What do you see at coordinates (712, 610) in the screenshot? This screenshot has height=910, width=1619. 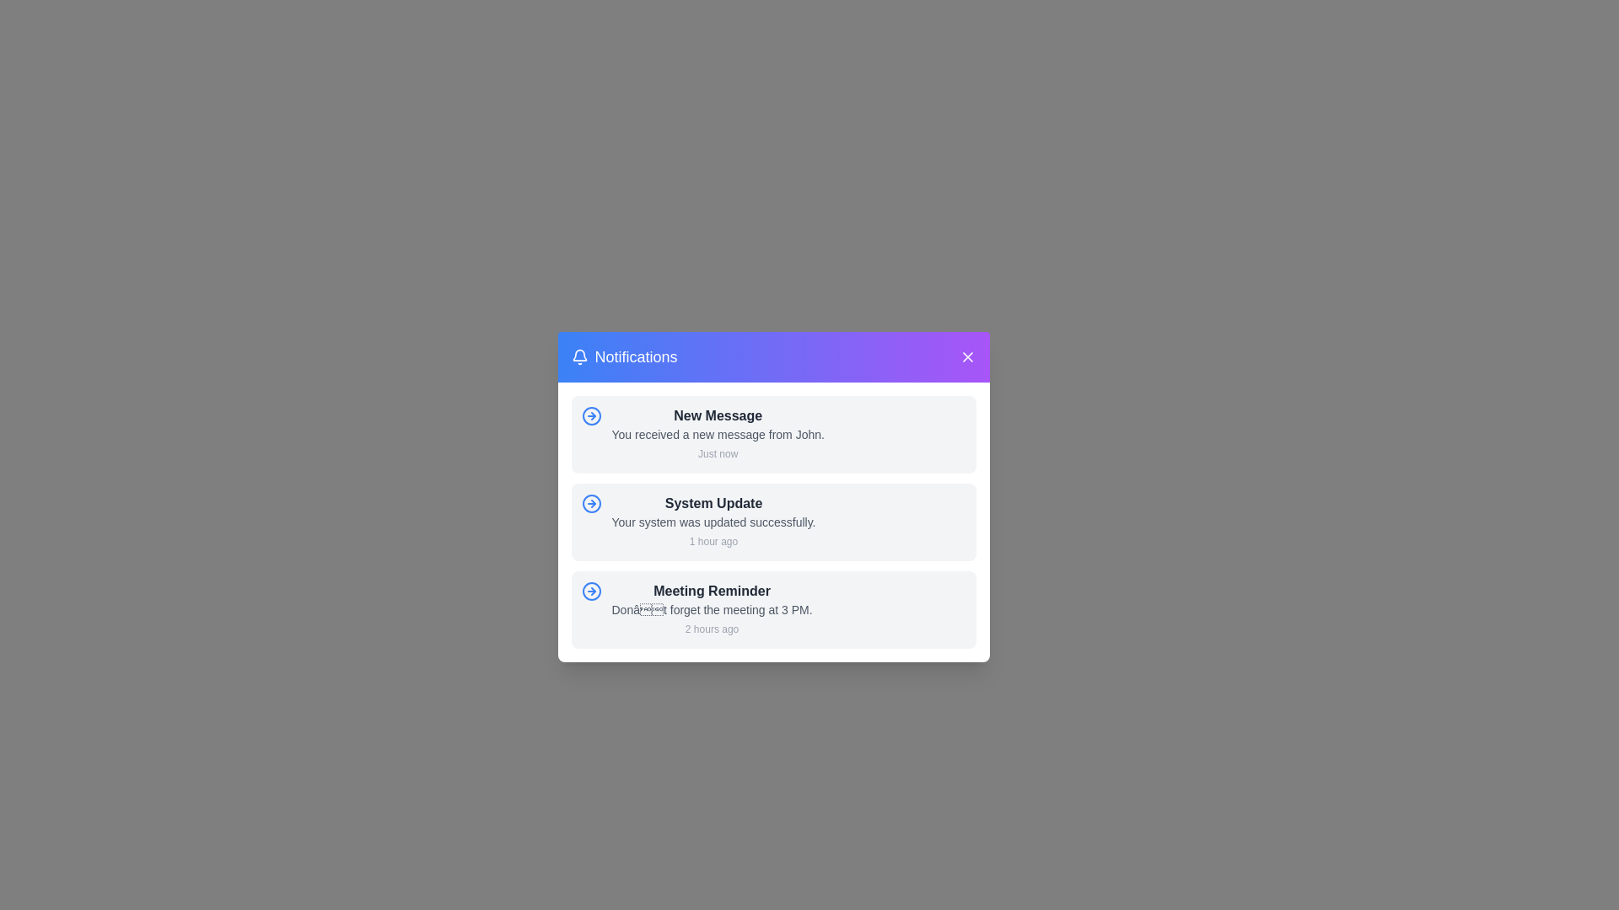 I see `the Text label providing details about the 'Meeting Reminder', which conveys the message 'Don’t forget the meeting at 3 PM.'` at bounding box center [712, 610].